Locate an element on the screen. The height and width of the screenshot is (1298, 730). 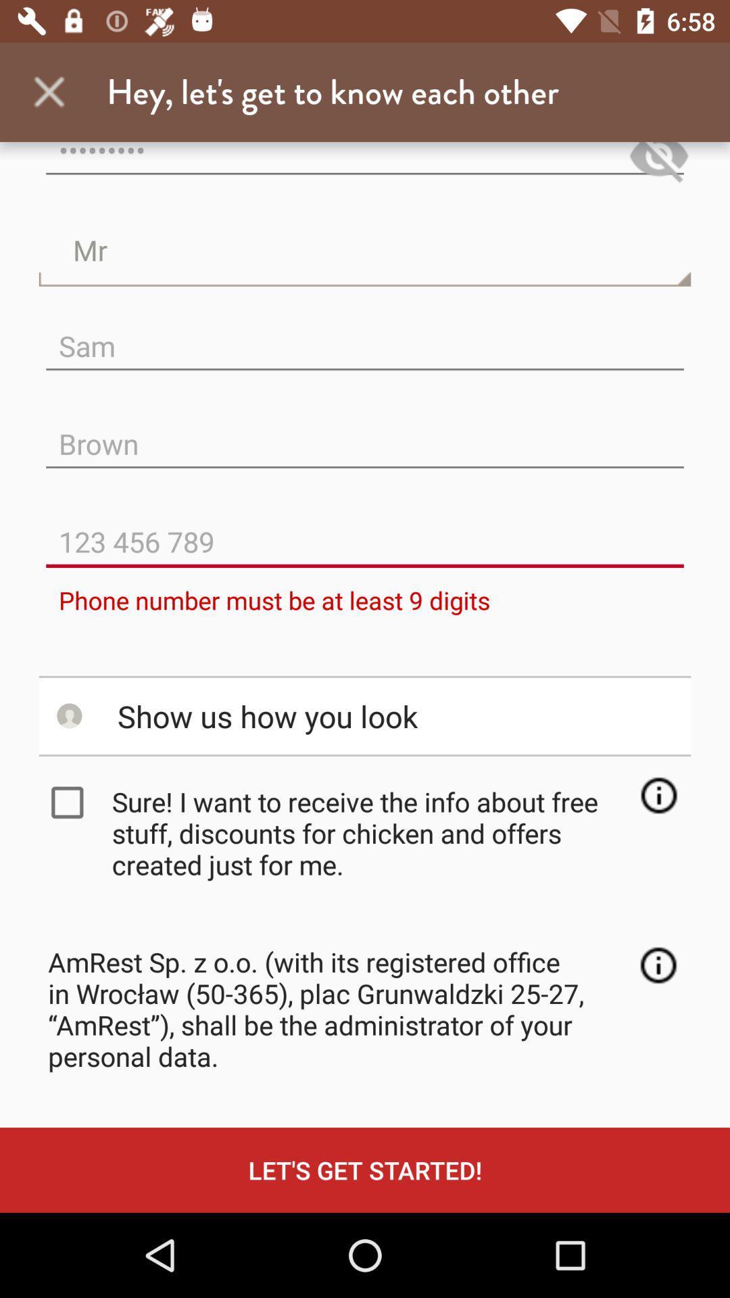
information is located at coordinates (658, 964).